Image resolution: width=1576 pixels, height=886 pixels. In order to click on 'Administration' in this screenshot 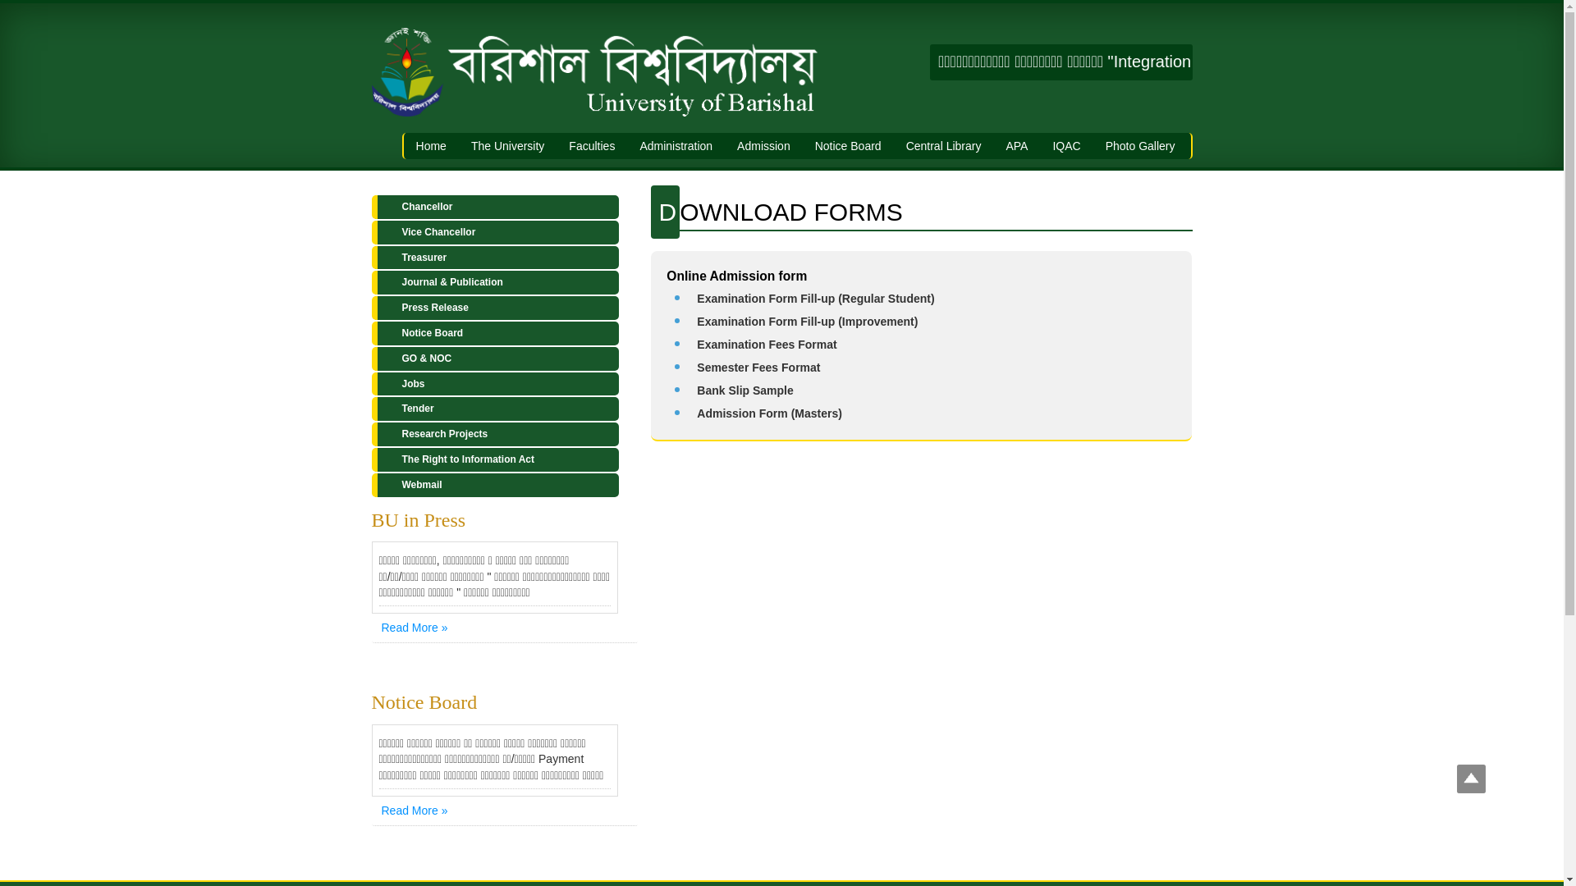, I will do `click(676, 144)`.